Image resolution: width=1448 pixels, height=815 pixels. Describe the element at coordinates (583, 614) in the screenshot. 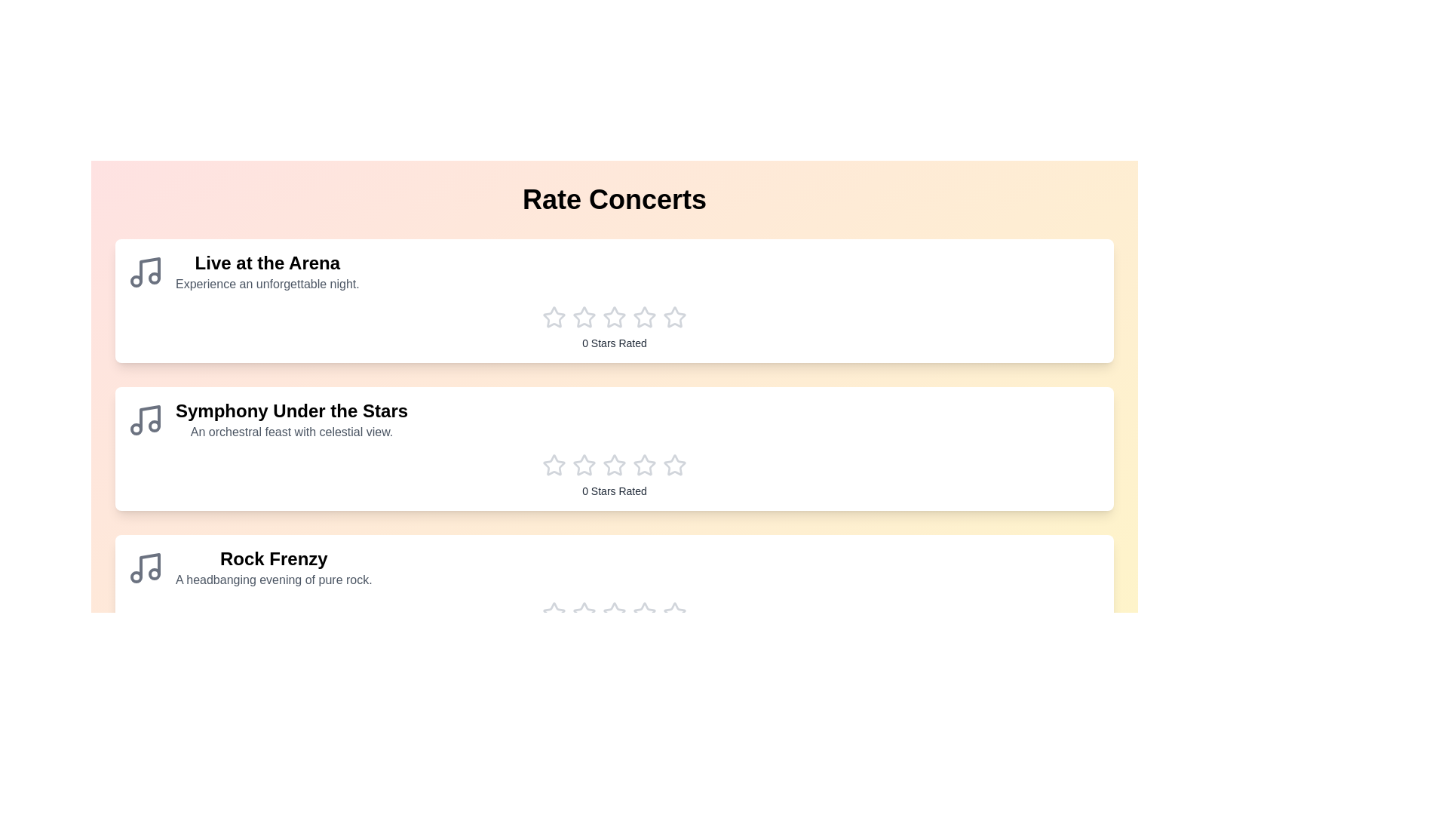

I see `the star corresponding to the rating 2 for the concert Rock Frenzy` at that location.